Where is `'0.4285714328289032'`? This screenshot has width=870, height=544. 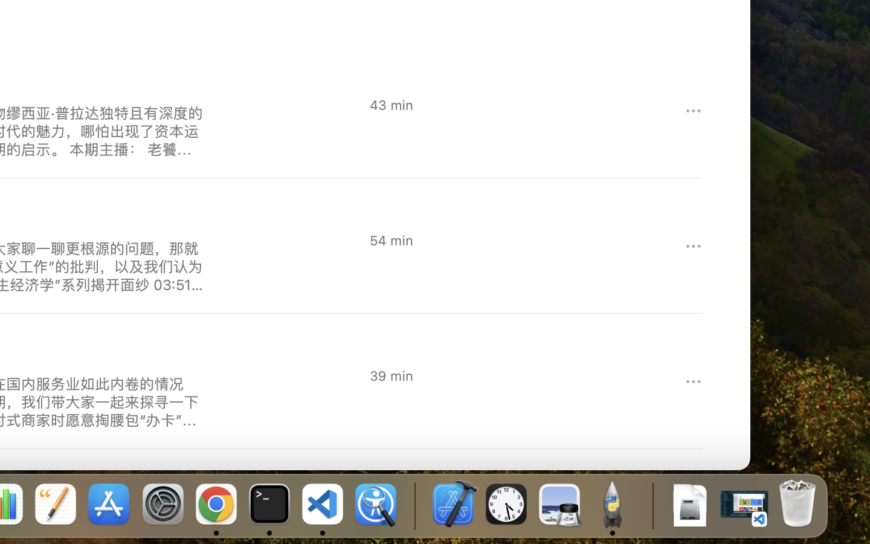 '0.4285714328289032' is located at coordinates (414, 505).